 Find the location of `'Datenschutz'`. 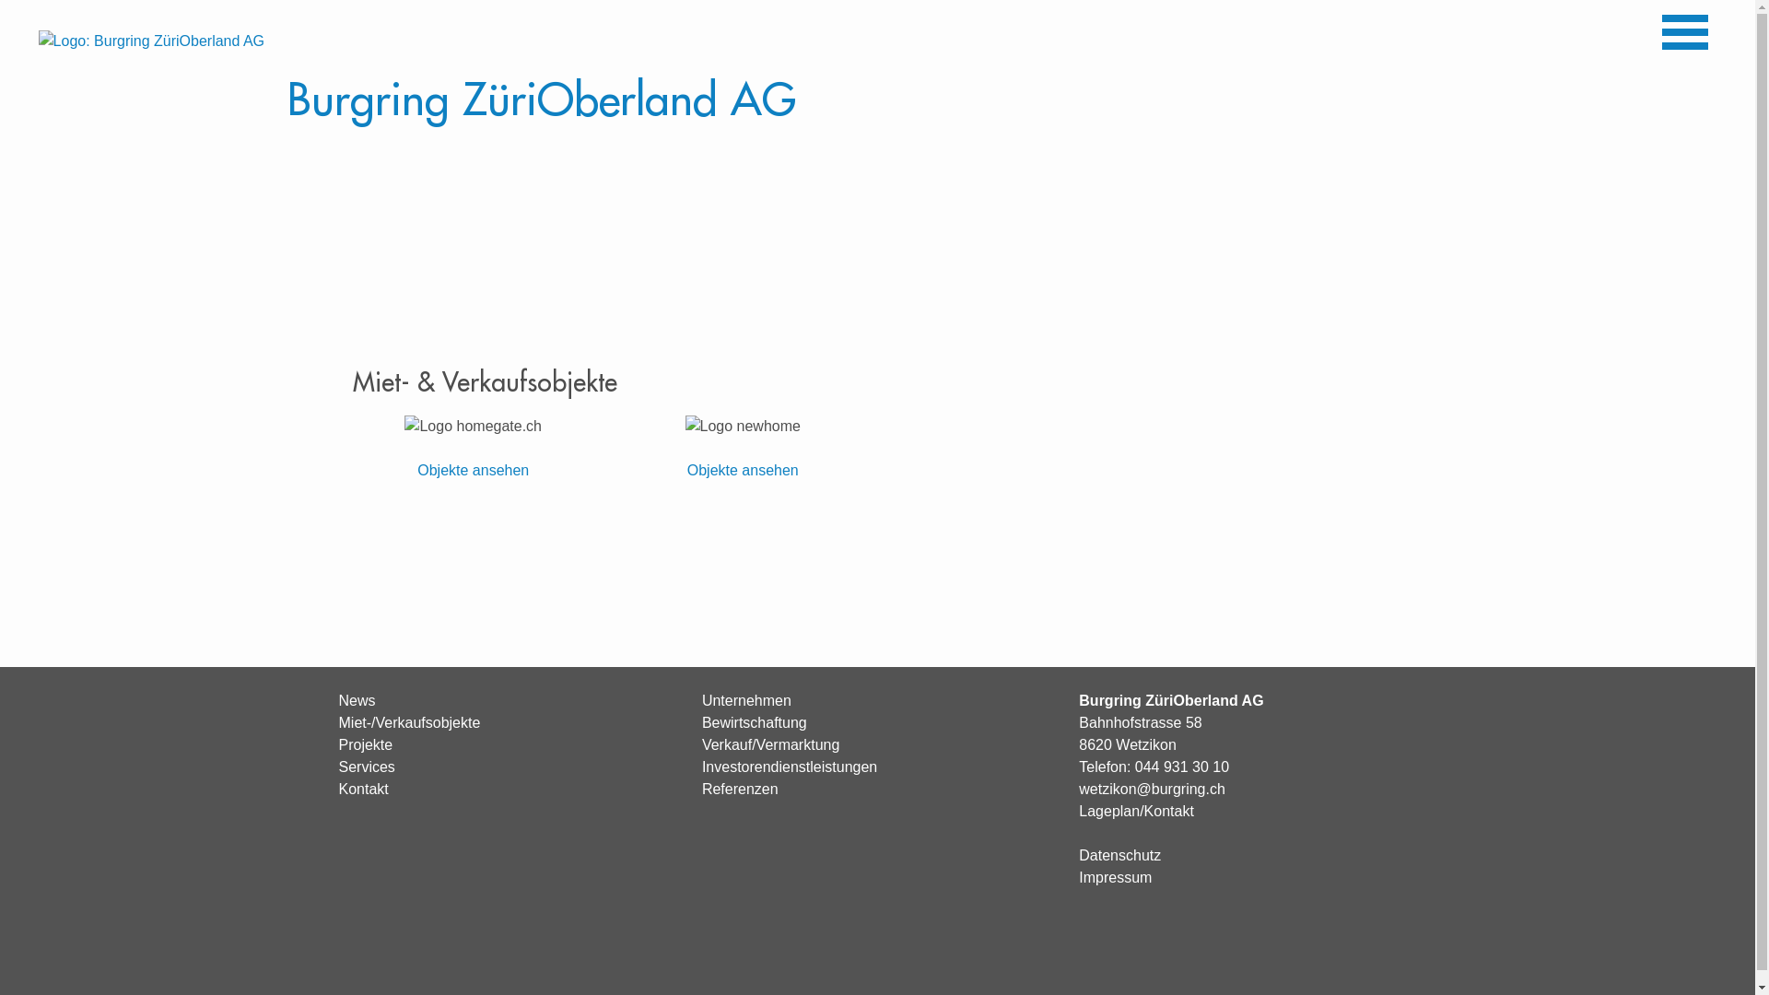

'Datenschutz' is located at coordinates (1119, 855).